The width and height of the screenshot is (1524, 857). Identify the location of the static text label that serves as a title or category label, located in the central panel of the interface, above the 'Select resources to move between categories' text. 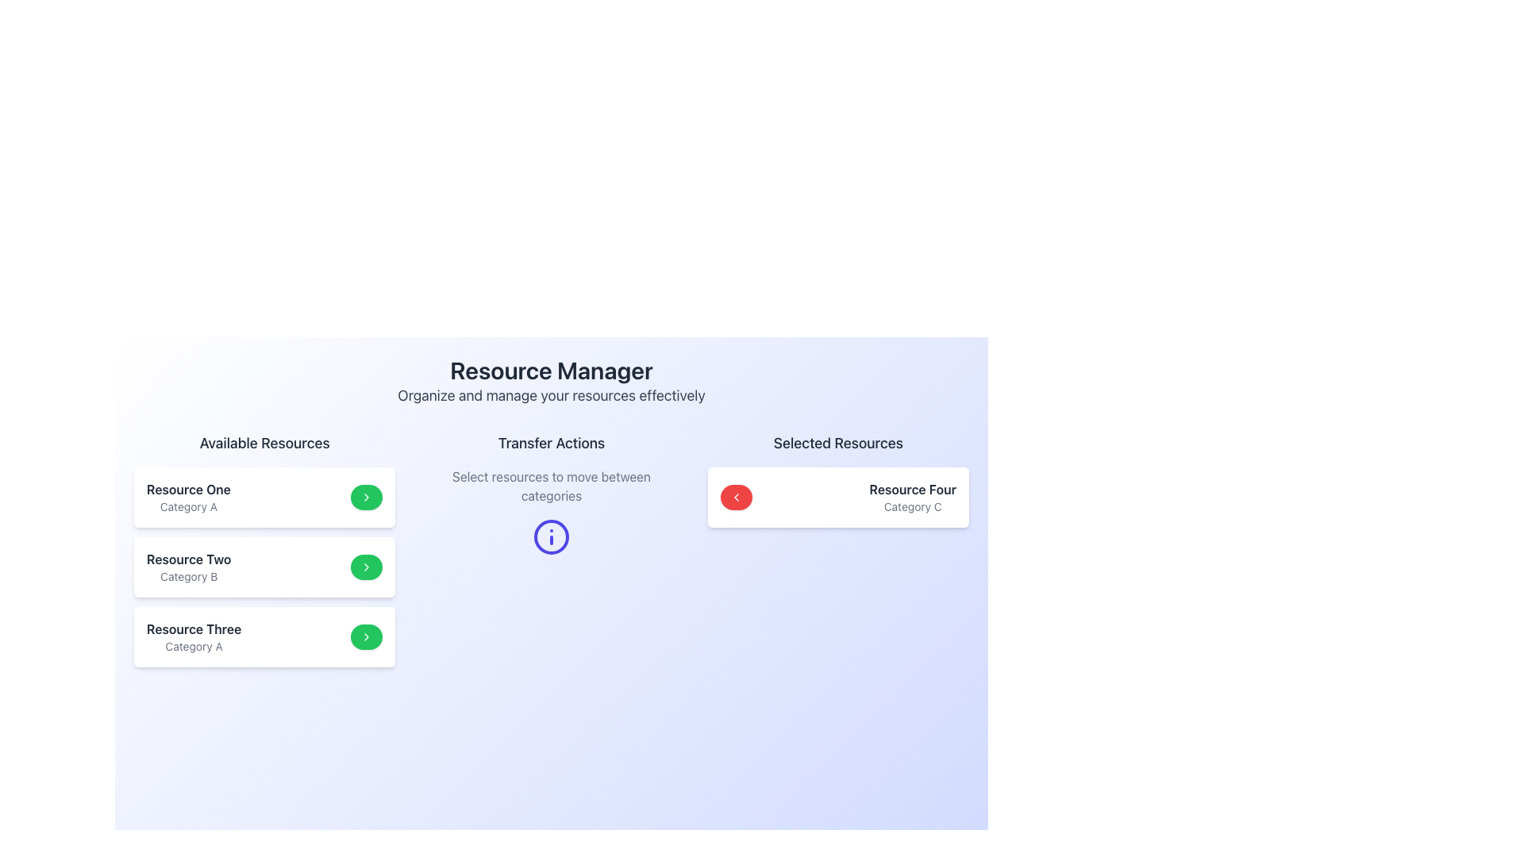
(552, 444).